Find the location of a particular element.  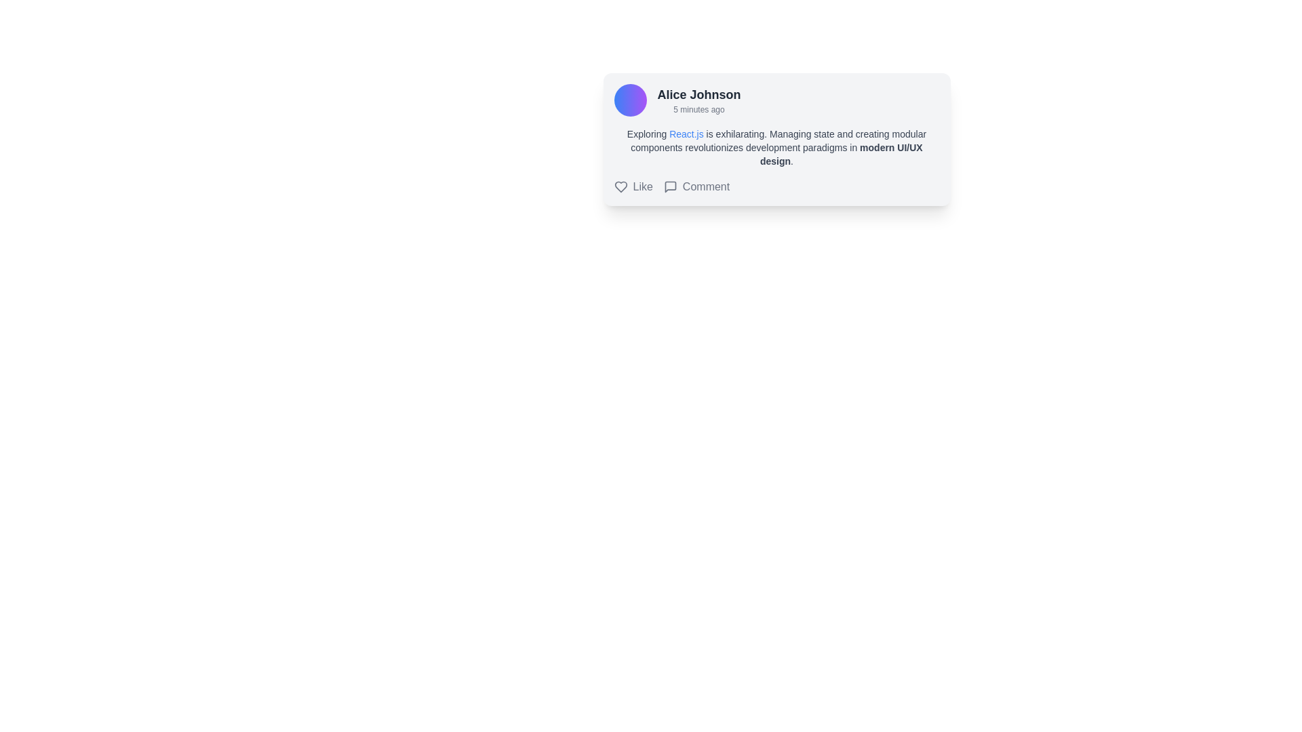

the 'Comment' button with a speech bubble icon positioned to the right of the 'Like' option is located at coordinates (696, 187).